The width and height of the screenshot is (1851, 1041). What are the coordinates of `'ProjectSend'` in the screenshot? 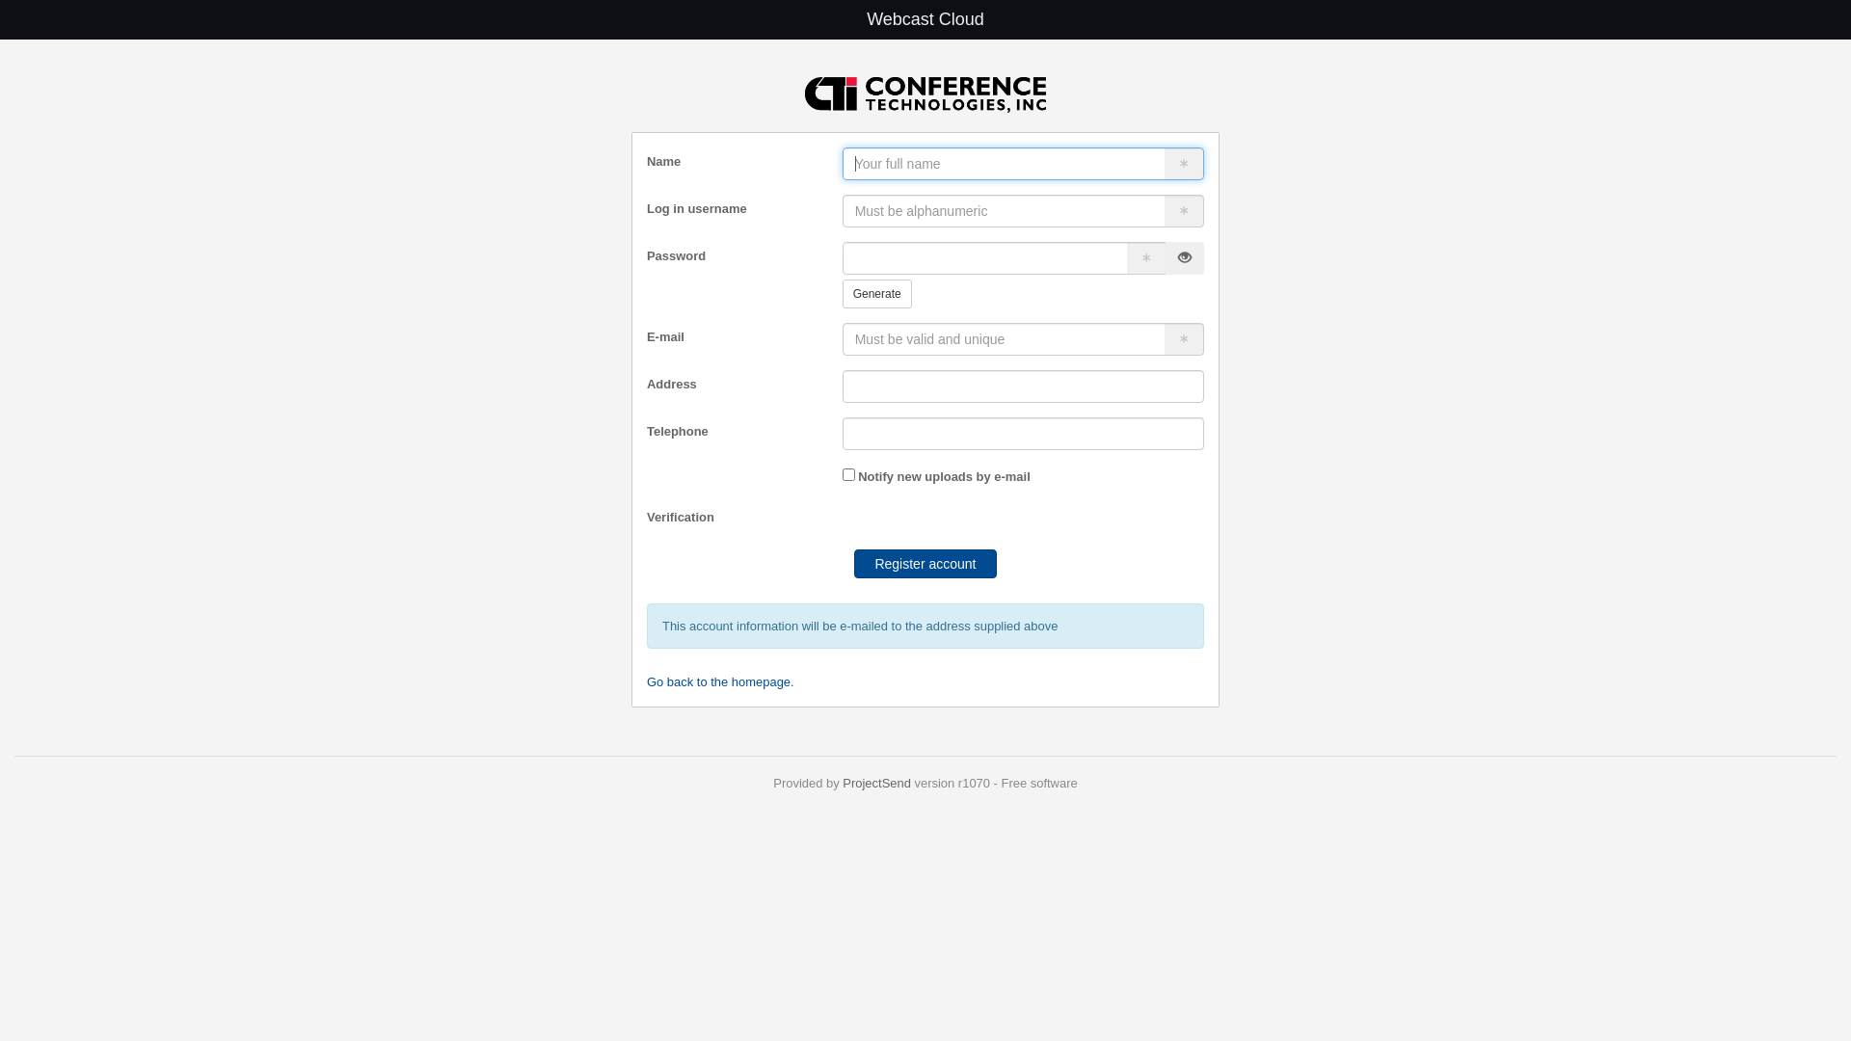 It's located at (875, 783).